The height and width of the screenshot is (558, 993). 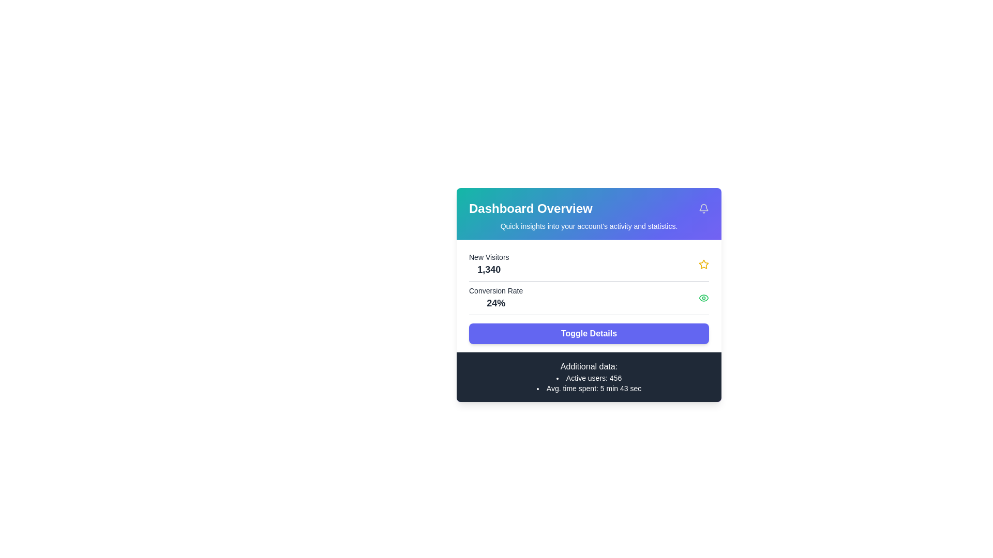 What do you see at coordinates (589, 378) in the screenshot?
I see `the first bullet point in the list under the 'Additional data:' heading that displays the current number of active users` at bounding box center [589, 378].